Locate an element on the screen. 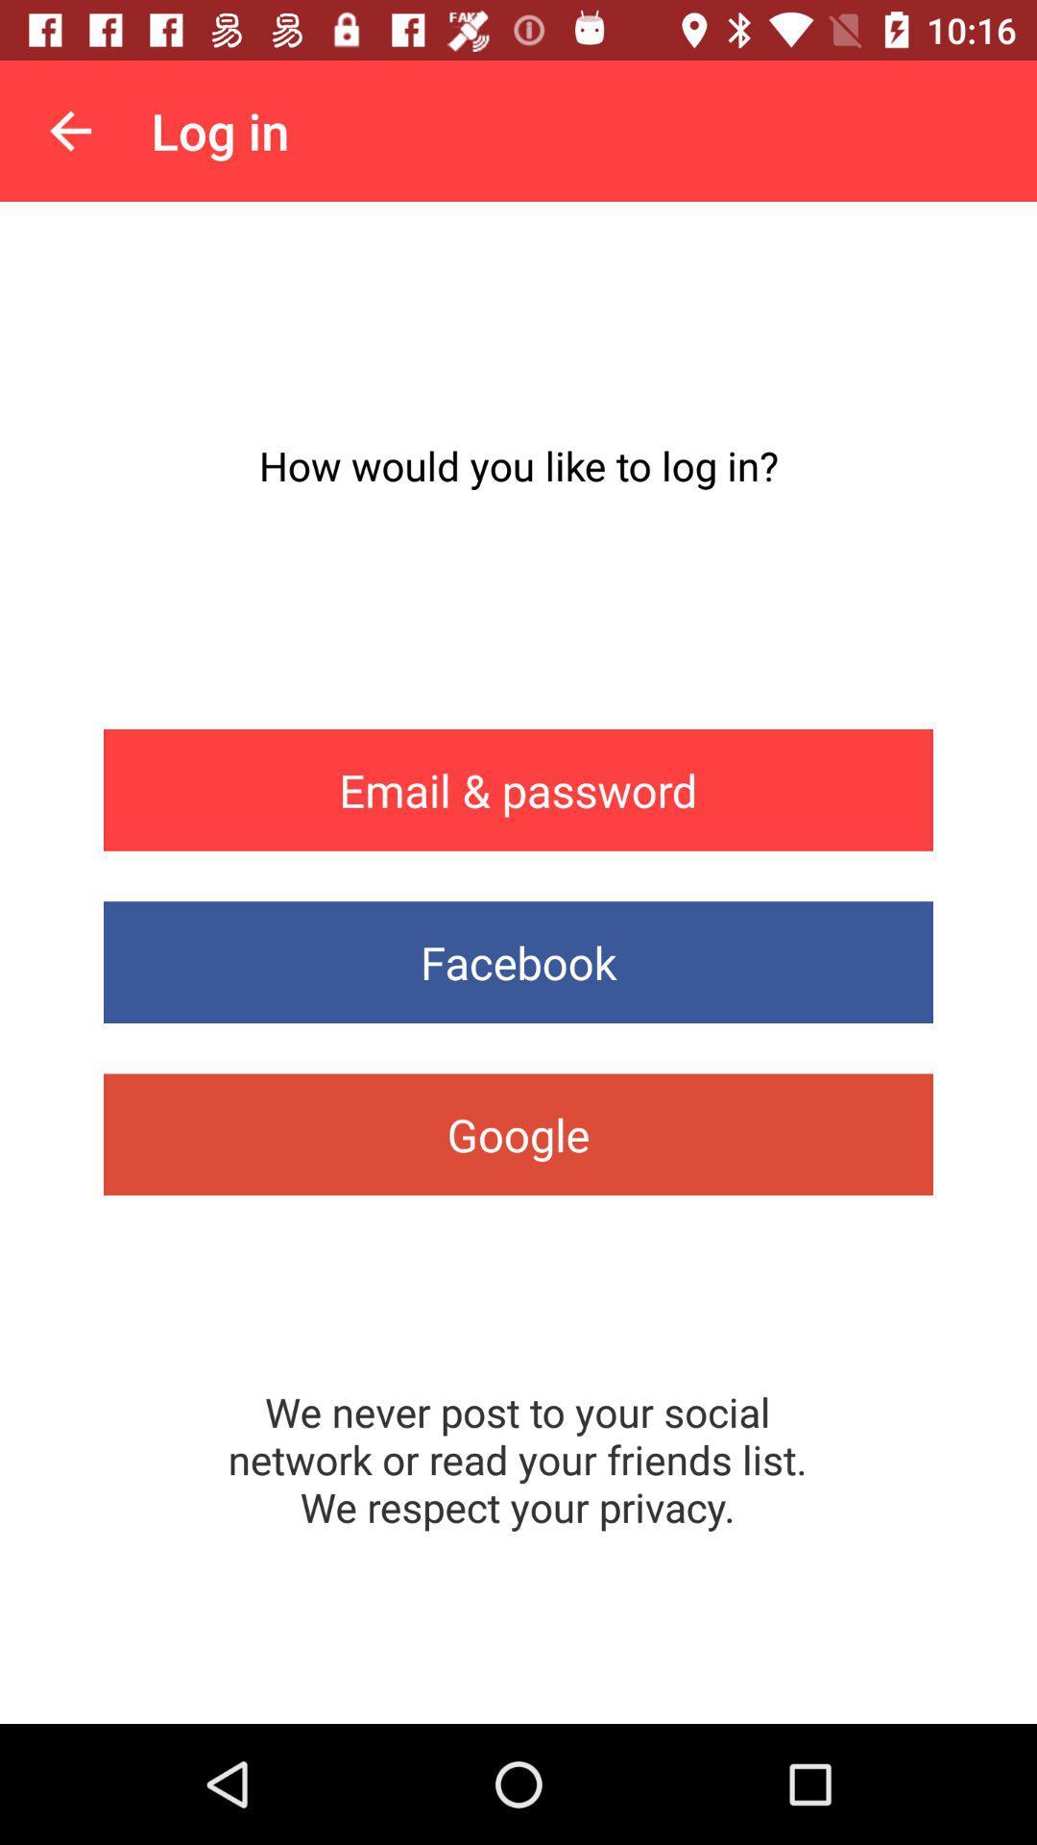 This screenshot has width=1037, height=1845. icon to the left of the log in item is located at coordinates (69, 130).